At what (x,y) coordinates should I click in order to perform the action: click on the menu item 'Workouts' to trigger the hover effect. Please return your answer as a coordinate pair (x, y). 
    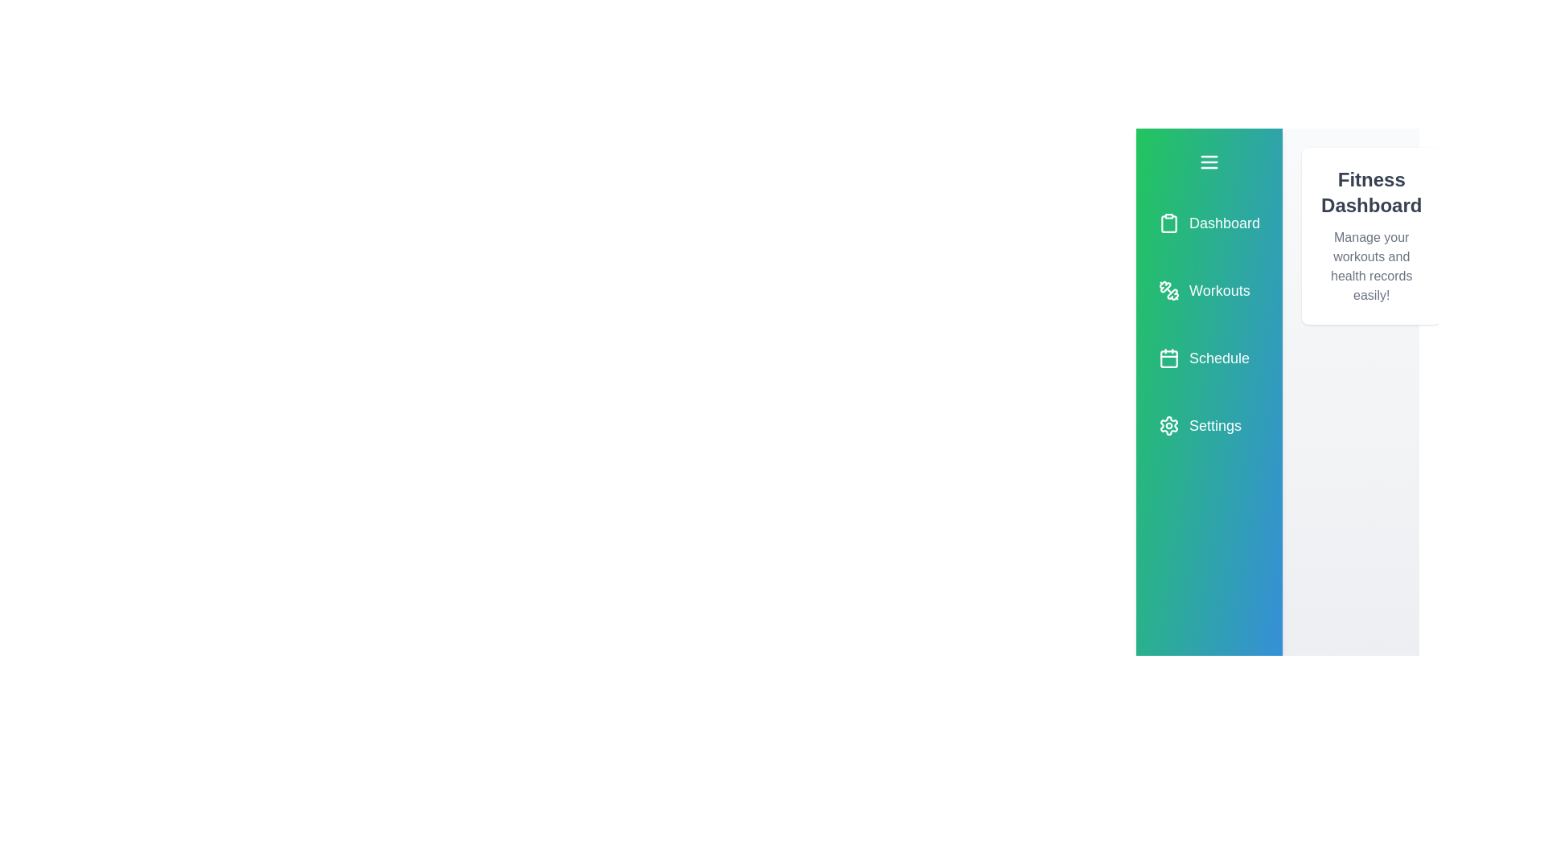
    Looking at the image, I should click on (1209, 291).